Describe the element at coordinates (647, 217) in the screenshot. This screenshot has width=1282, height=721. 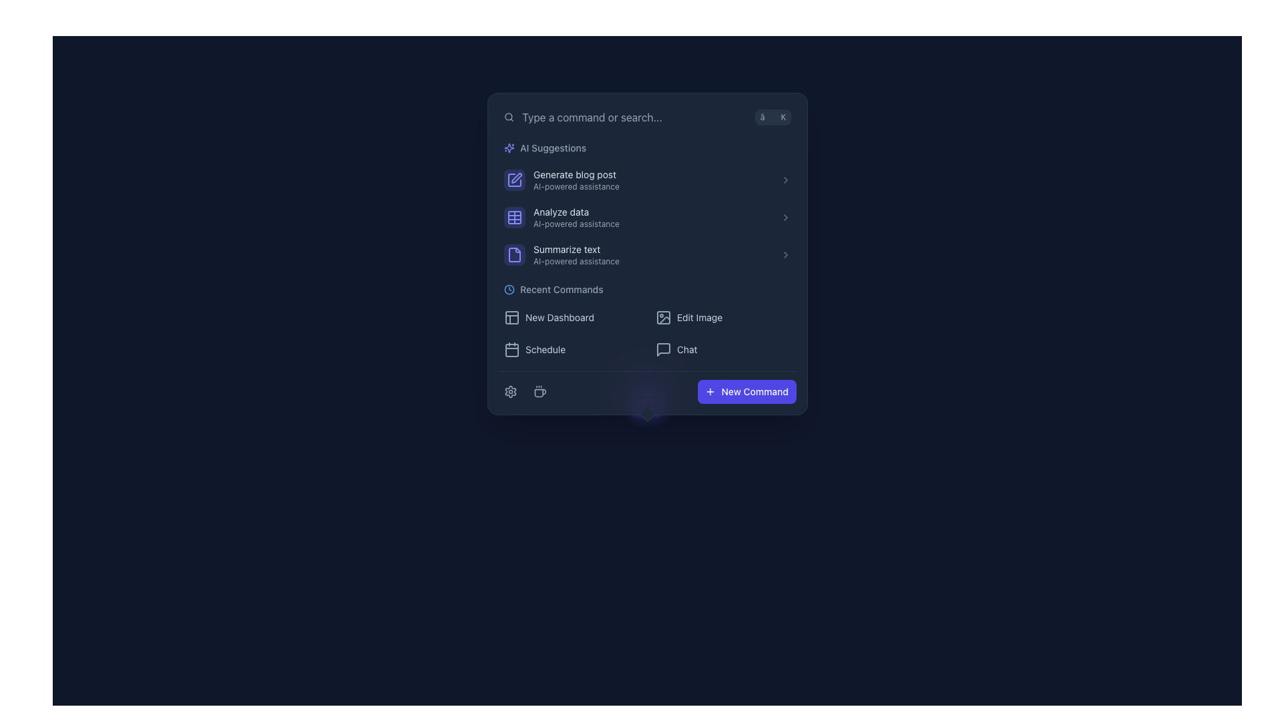
I see `the selectable list item labeled 'Analyze data'` at that location.